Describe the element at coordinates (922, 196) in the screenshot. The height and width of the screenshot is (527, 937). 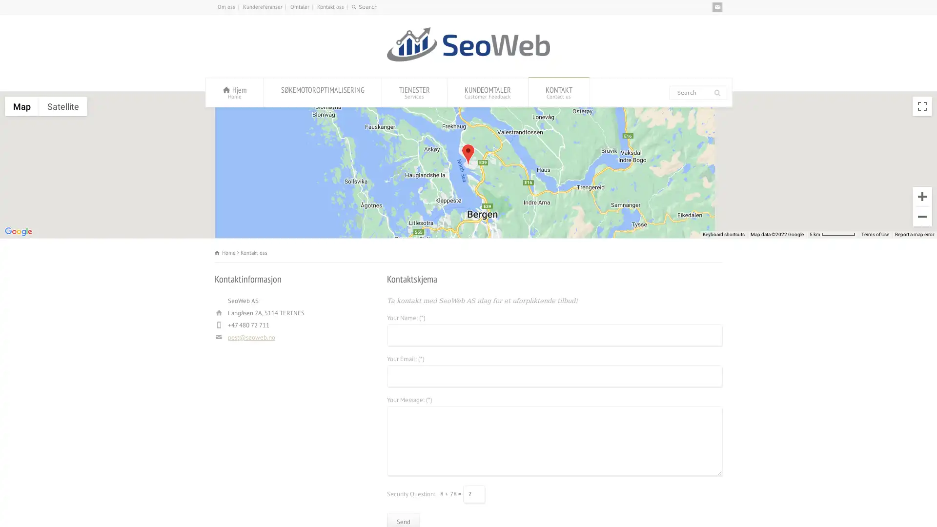
I see `Zoom in` at that location.